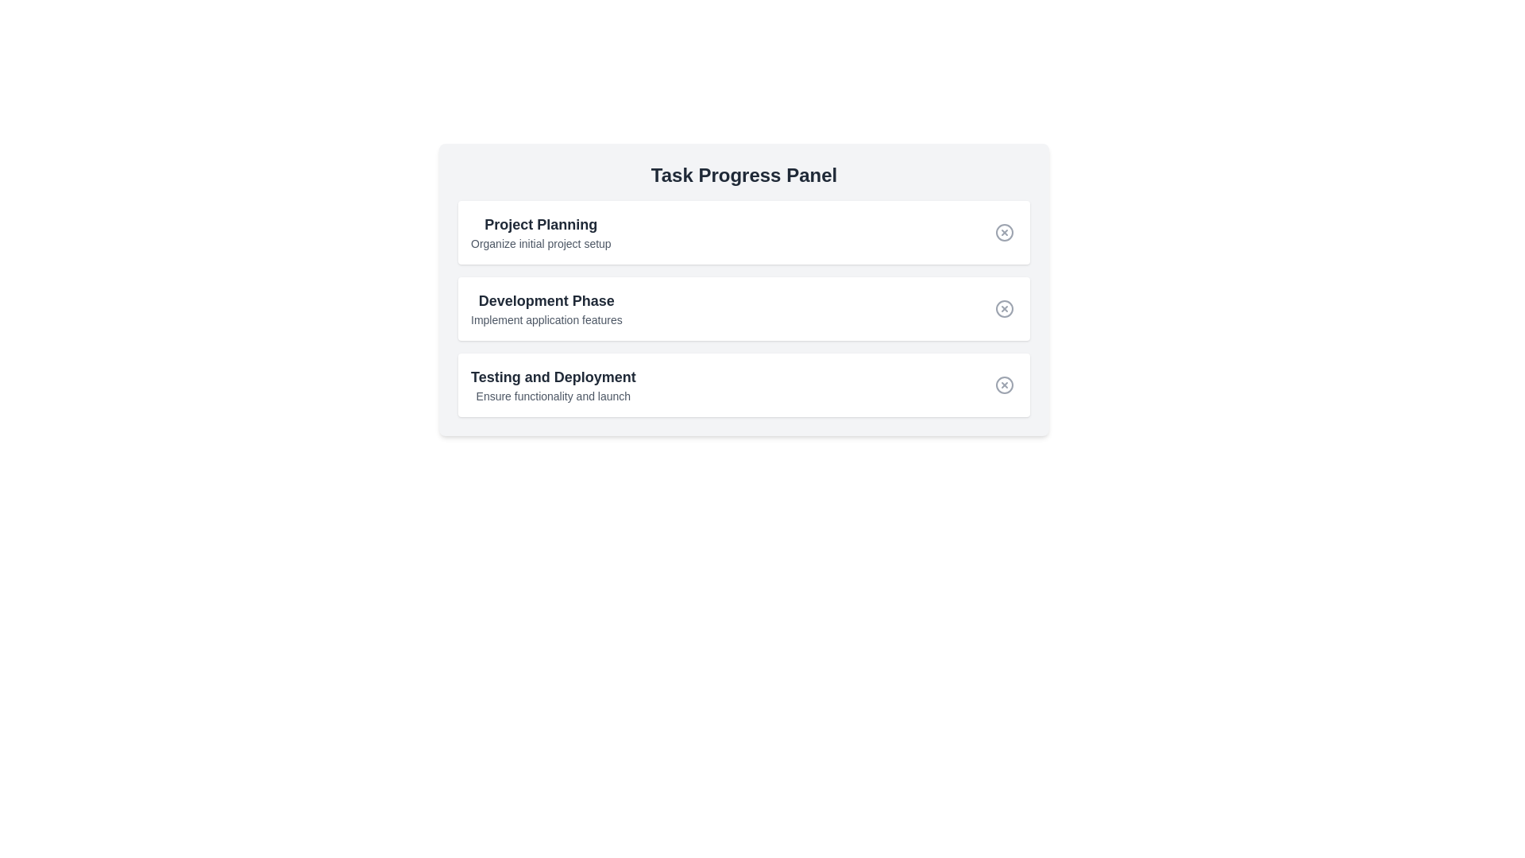 Image resolution: width=1525 pixels, height=858 pixels. I want to click on the 'Development Phase' informational card, which is the second card in the vertically stacked list within the 'Task Progress Panel', so click(743, 290).